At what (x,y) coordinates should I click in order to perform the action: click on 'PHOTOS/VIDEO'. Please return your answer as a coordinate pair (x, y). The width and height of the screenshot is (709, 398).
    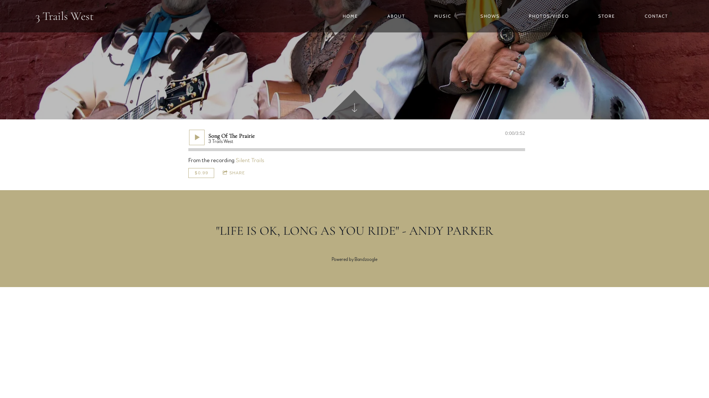
    Looking at the image, I should click on (549, 16).